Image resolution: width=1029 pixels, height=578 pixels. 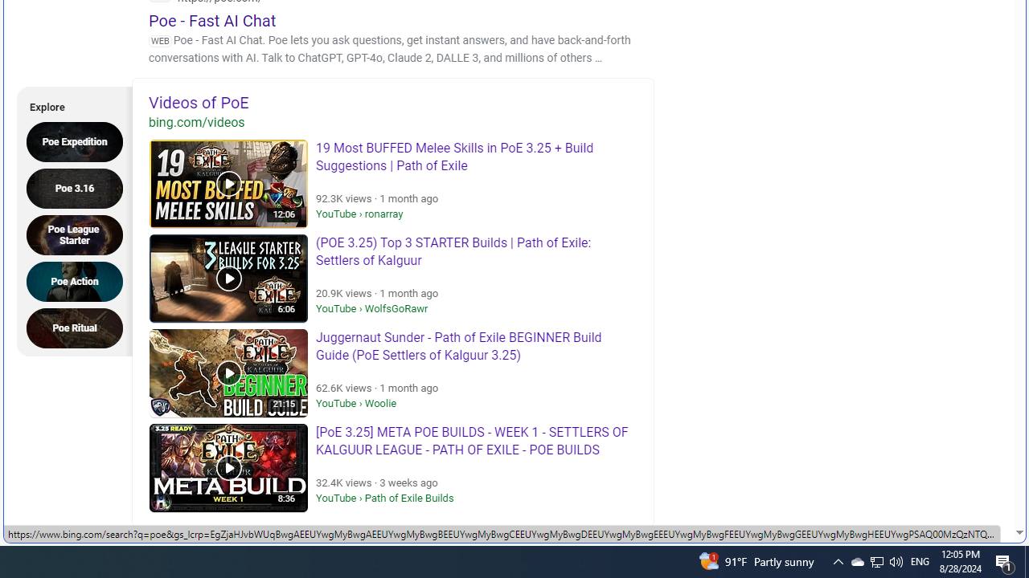 I want to click on 'Poe 3.16', so click(x=79, y=187).